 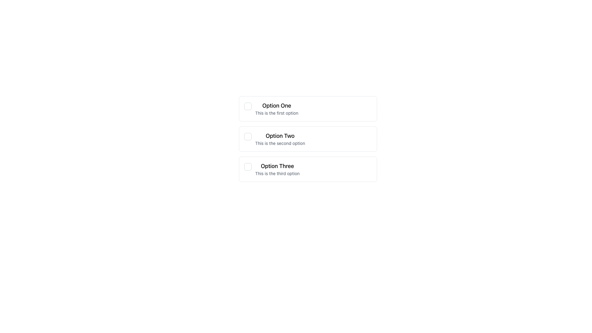 What do you see at coordinates (276, 109) in the screenshot?
I see `the selectable option in the list, which is located at the topmost segment of a vertical list, adjacent to a checkbox` at bounding box center [276, 109].